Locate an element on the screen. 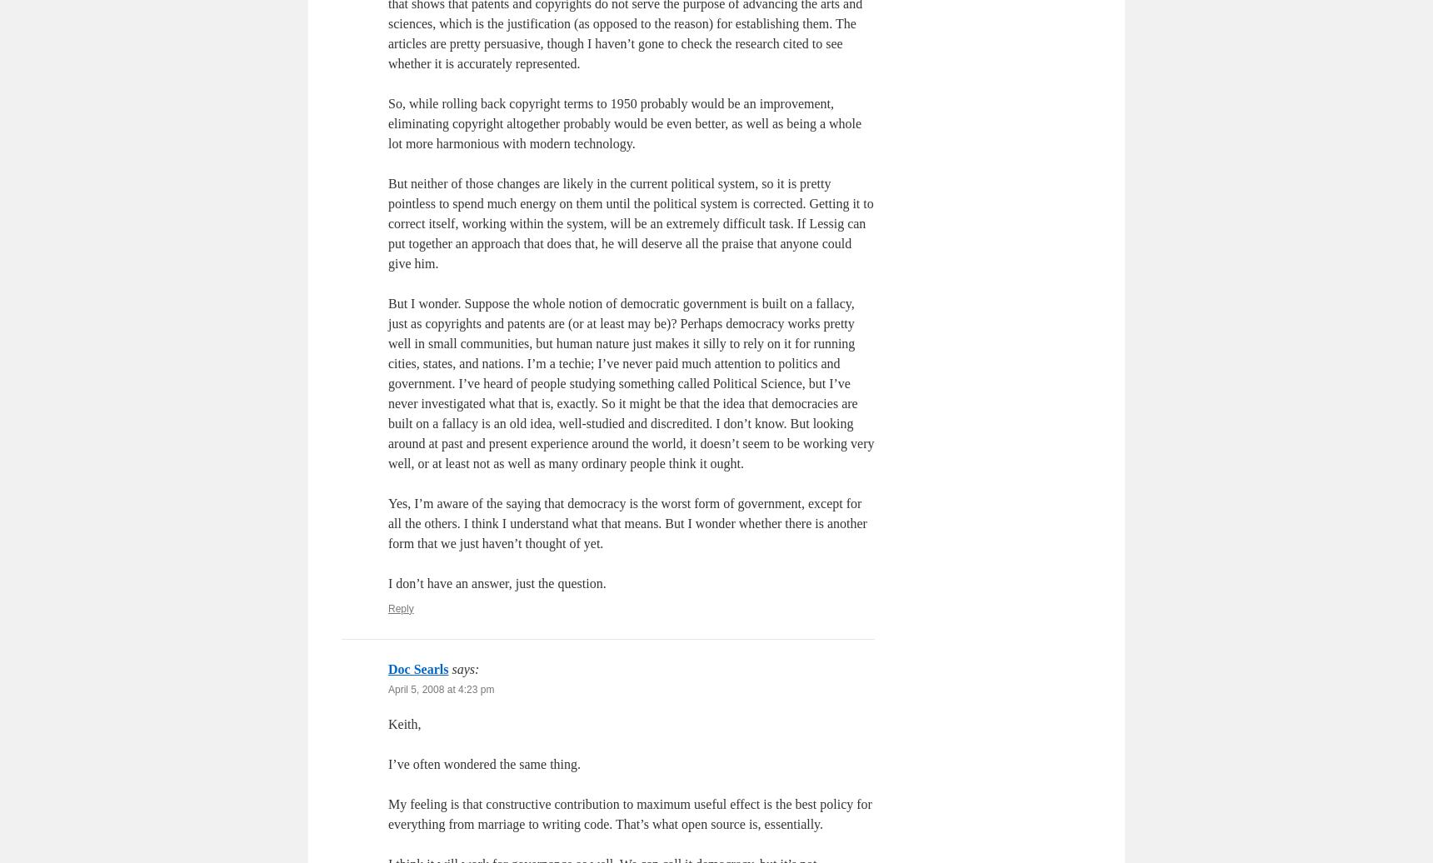  'Reply' is located at coordinates (400, 607).